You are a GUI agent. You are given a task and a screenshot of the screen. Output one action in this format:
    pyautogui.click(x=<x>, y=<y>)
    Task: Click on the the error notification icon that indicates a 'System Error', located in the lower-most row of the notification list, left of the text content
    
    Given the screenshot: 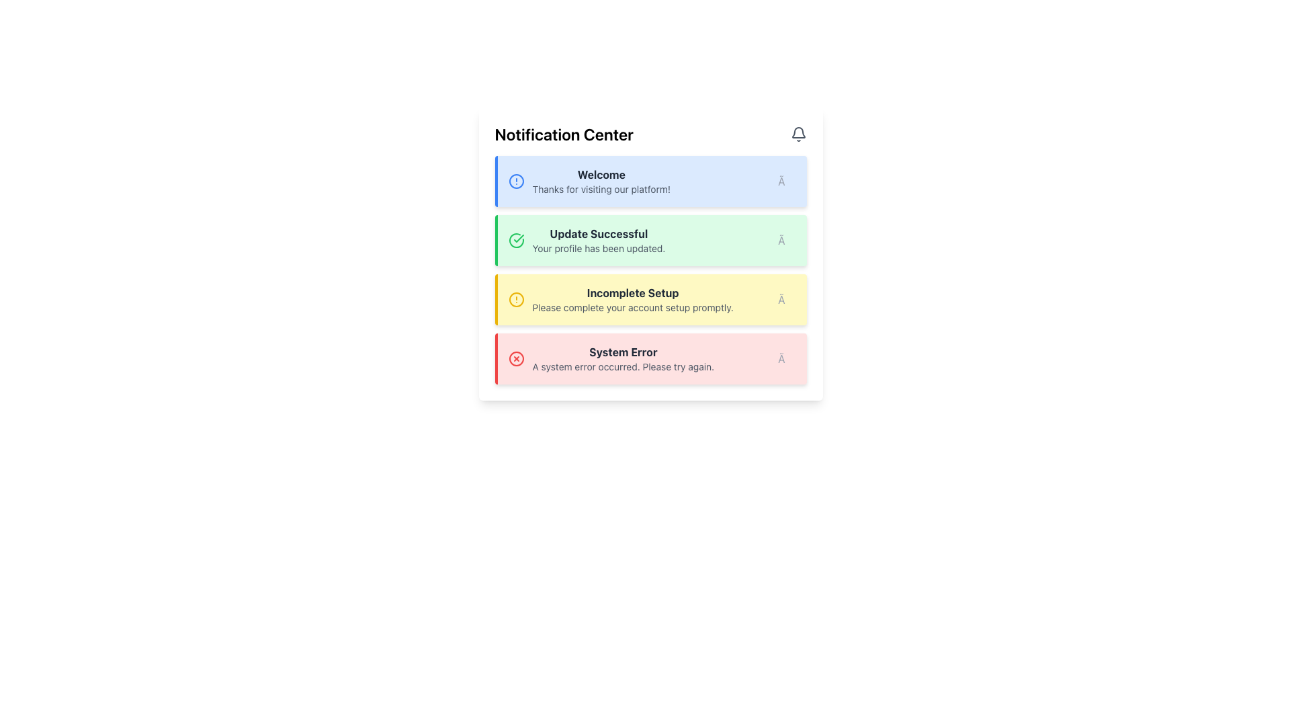 What is the action you would take?
    pyautogui.click(x=515, y=358)
    